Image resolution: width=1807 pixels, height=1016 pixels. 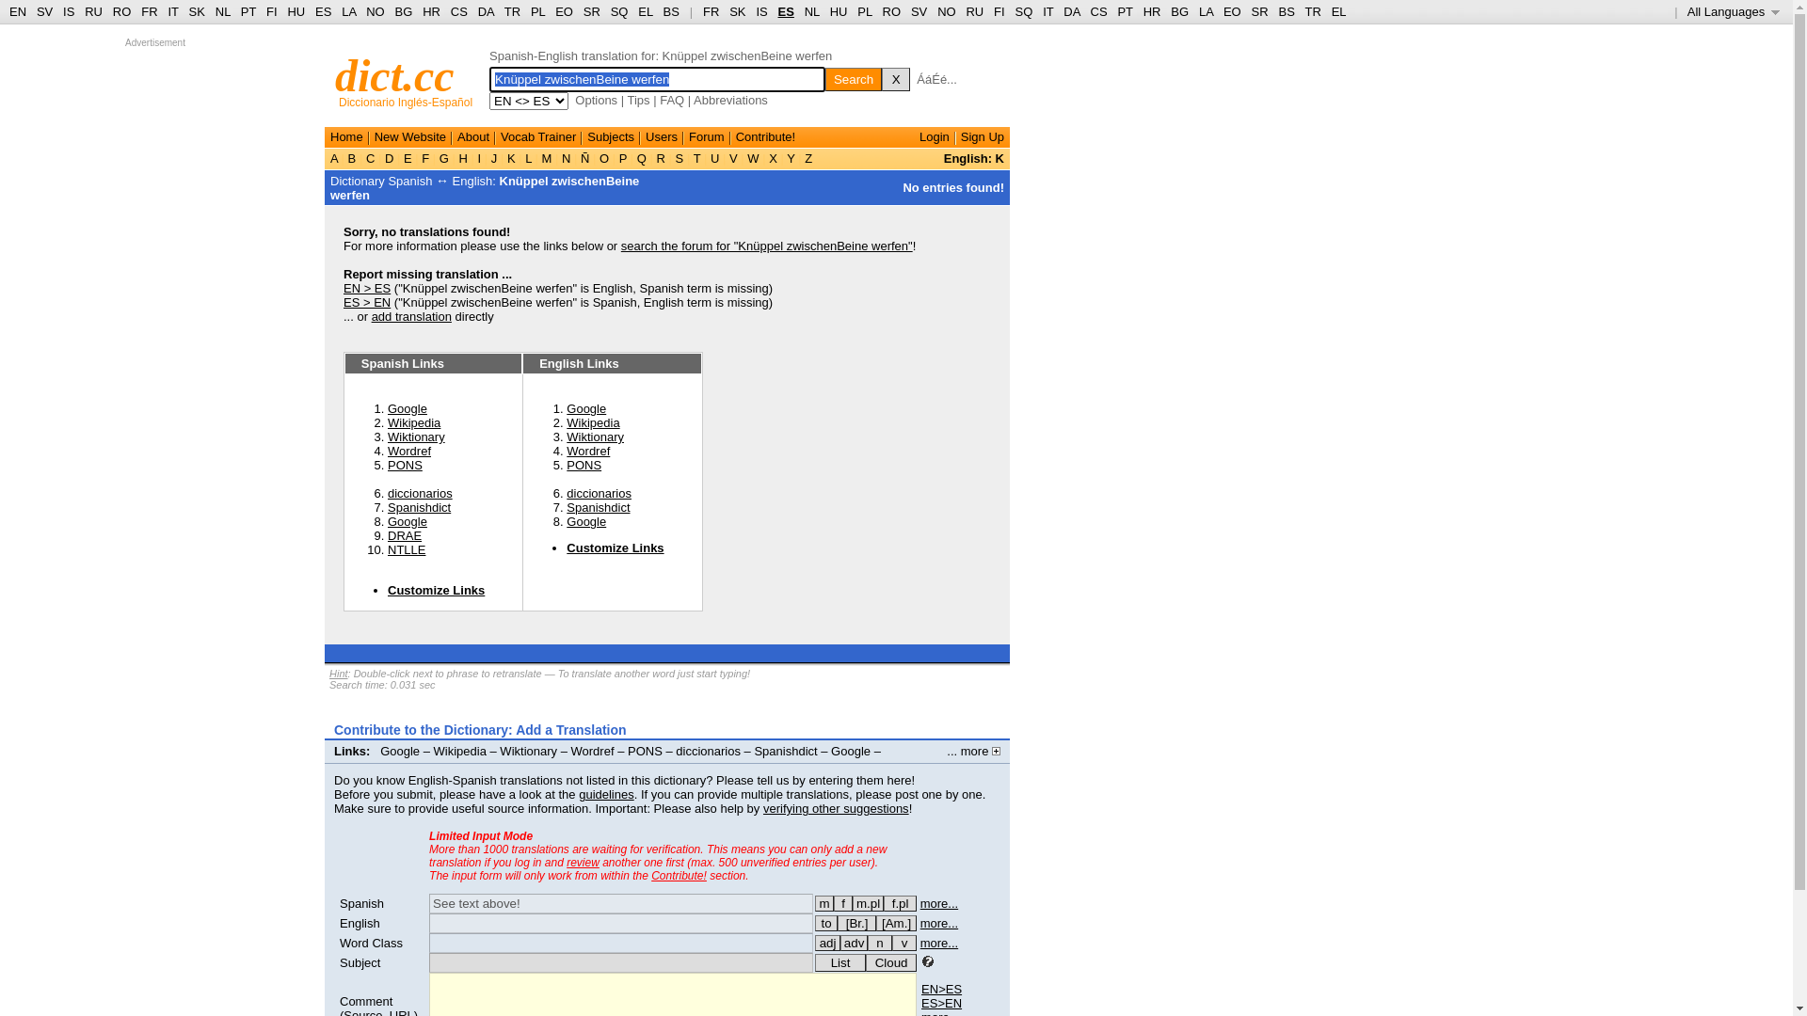 What do you see at coordinates (812, 11) in the screenshot?
I see `'NL'` at bounding box center [812, 11].